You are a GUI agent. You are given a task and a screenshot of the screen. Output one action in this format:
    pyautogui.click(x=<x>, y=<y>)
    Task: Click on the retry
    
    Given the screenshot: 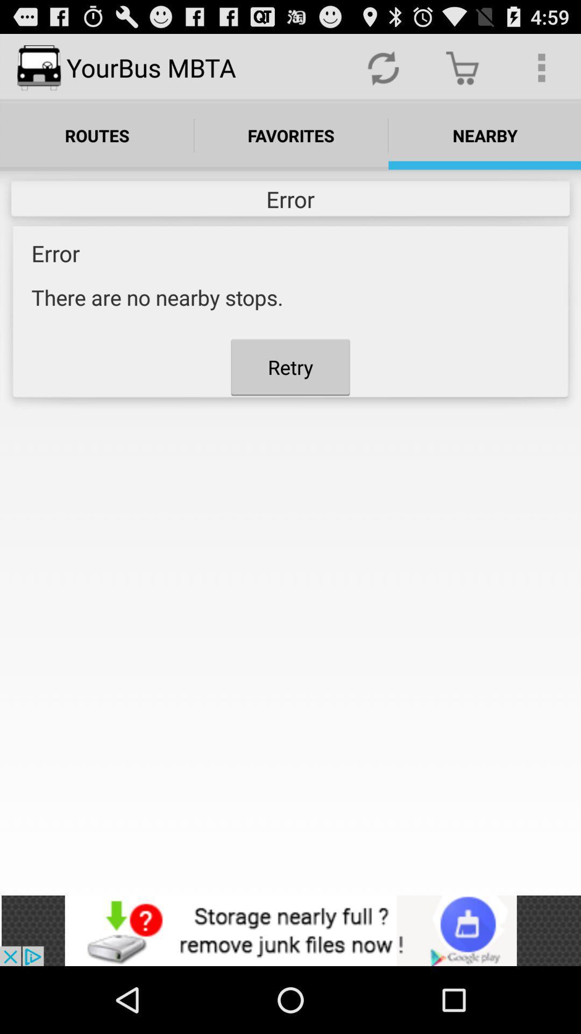 What is the action you would take?
    pyautogui.click(x=290, y=367)
    